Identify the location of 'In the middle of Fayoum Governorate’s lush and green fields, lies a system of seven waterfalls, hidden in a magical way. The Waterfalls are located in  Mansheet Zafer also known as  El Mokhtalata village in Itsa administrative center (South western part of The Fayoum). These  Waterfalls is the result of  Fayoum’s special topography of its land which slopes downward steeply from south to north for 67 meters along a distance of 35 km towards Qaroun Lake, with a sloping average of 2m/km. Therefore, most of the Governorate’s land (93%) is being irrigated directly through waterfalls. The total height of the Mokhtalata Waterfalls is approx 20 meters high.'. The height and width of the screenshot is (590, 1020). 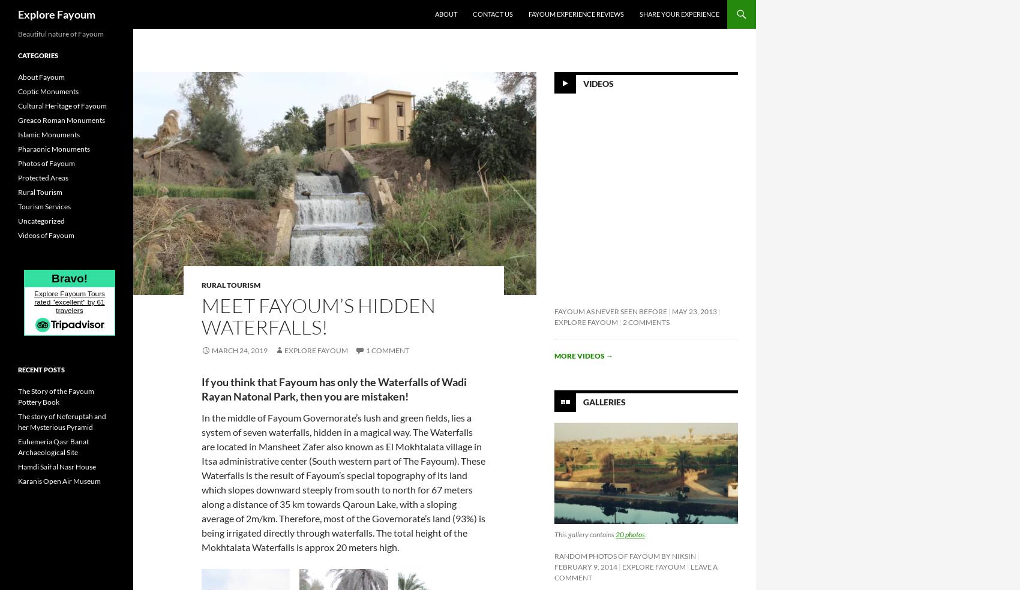
(343, 481).